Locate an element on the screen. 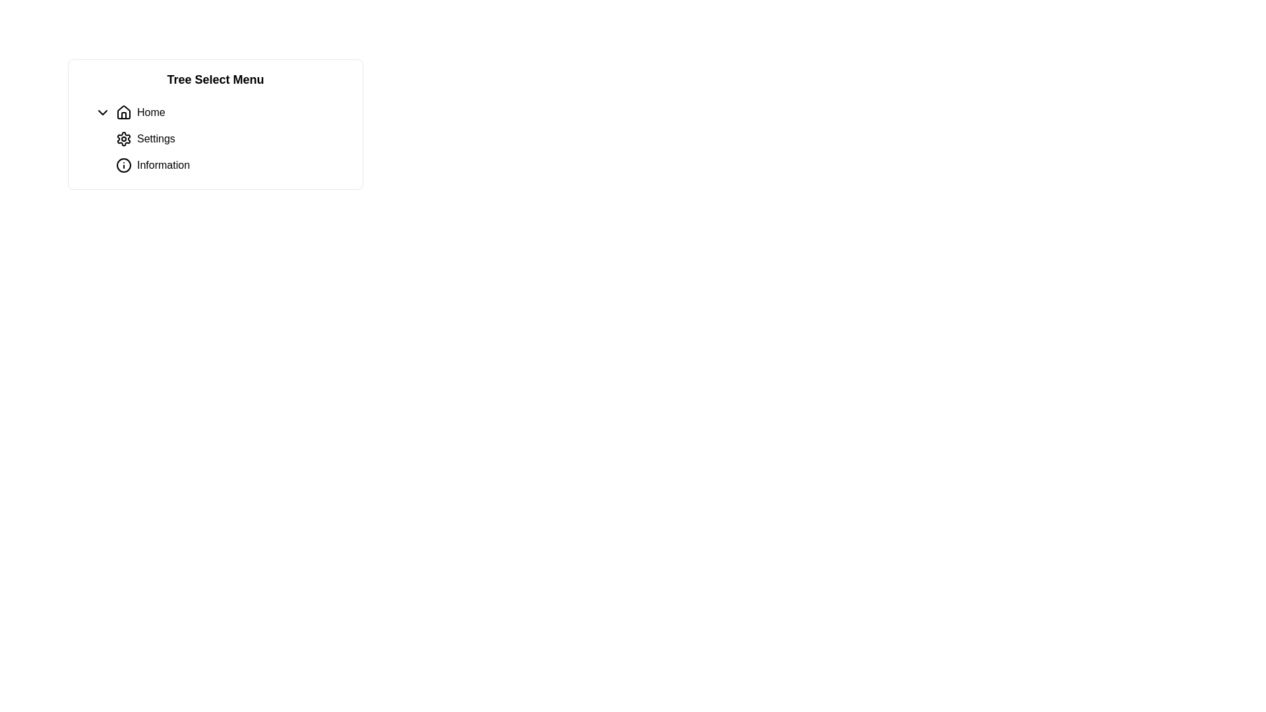 Image resolution: width=1266 pixels, height=712 pixels. the central circular part of the 'Information' icon, which has a black border and is located adjacent to the text label 'Information' is located at coordinates (123, 164).